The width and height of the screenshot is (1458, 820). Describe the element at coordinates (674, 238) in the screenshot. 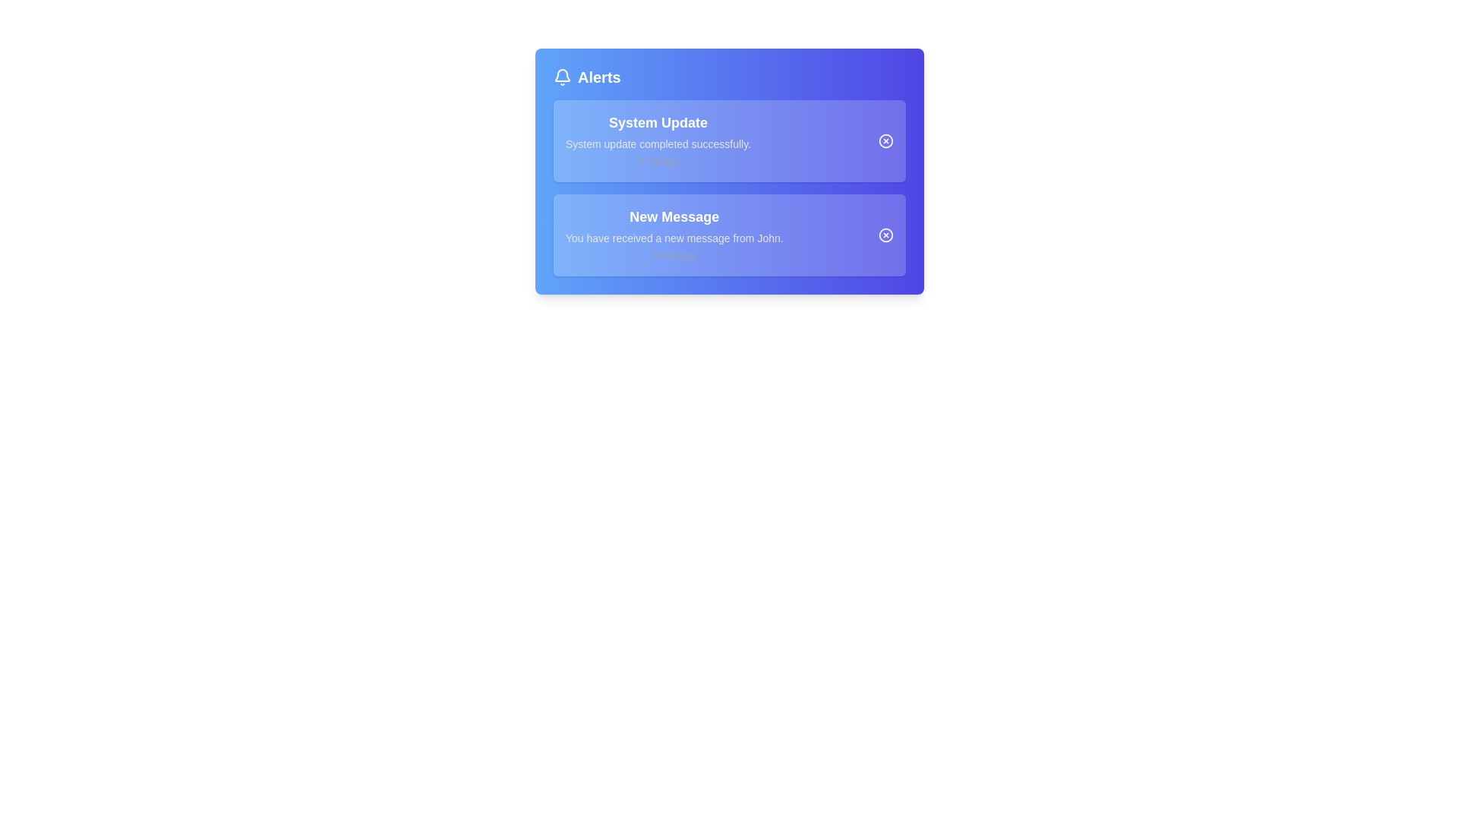

I see `the static text that reads 'You have received a new message from John.' located under the 'New Message' header in the notification card` at that location.